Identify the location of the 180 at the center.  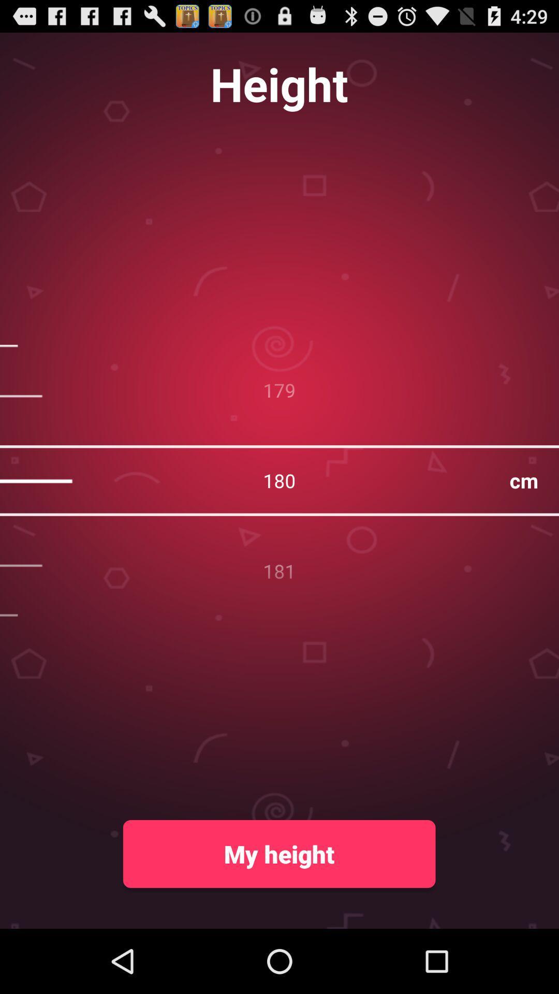
(279, 480).